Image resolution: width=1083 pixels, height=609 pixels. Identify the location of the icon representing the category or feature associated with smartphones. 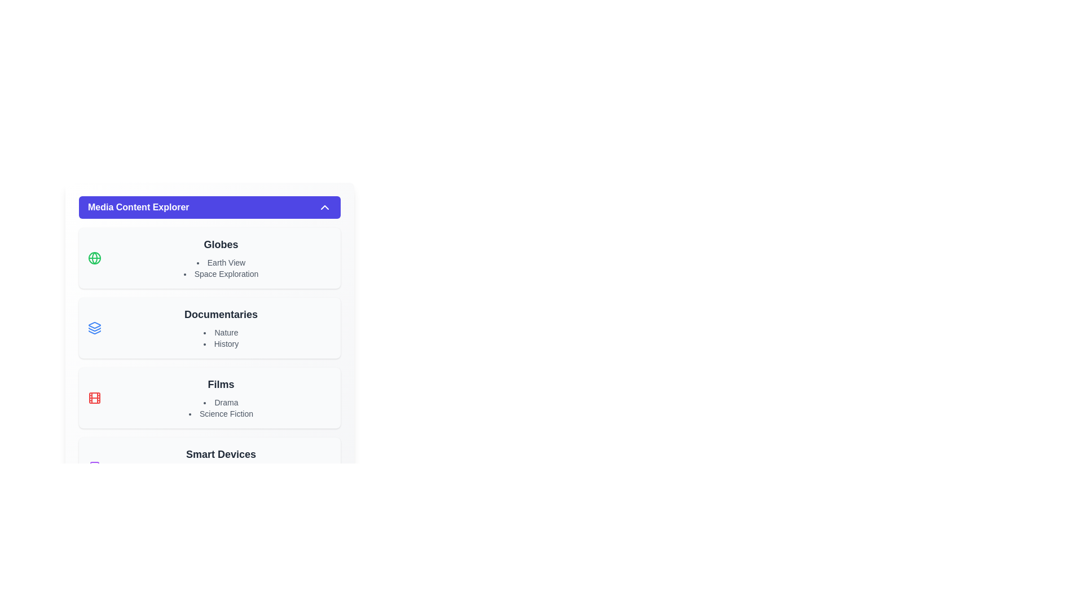
(95, 467).